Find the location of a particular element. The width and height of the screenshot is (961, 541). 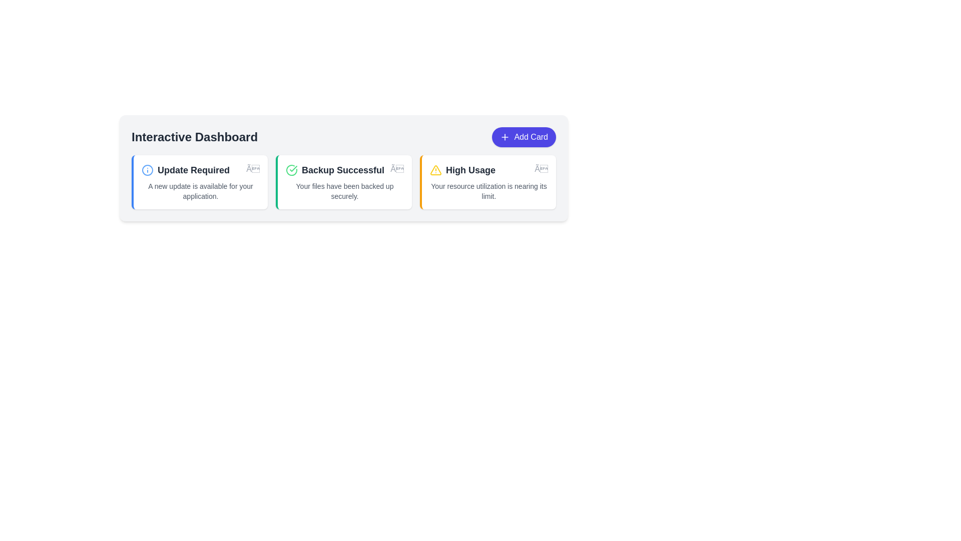

the state of the 'Backup Successful' icon located in the second card of a row of three cards, positioned to the left of the title text is located at coordinates (291, 169).